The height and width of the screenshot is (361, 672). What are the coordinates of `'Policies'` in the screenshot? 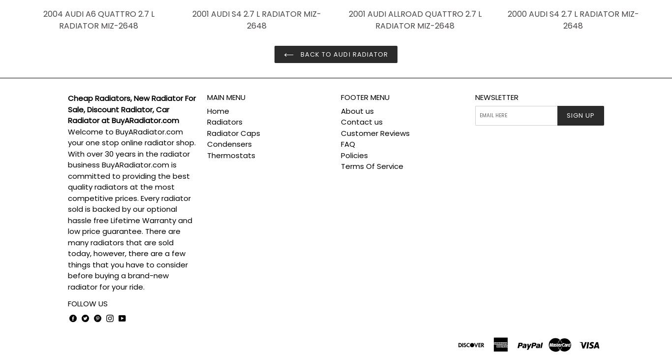 It's located at (354, 154).